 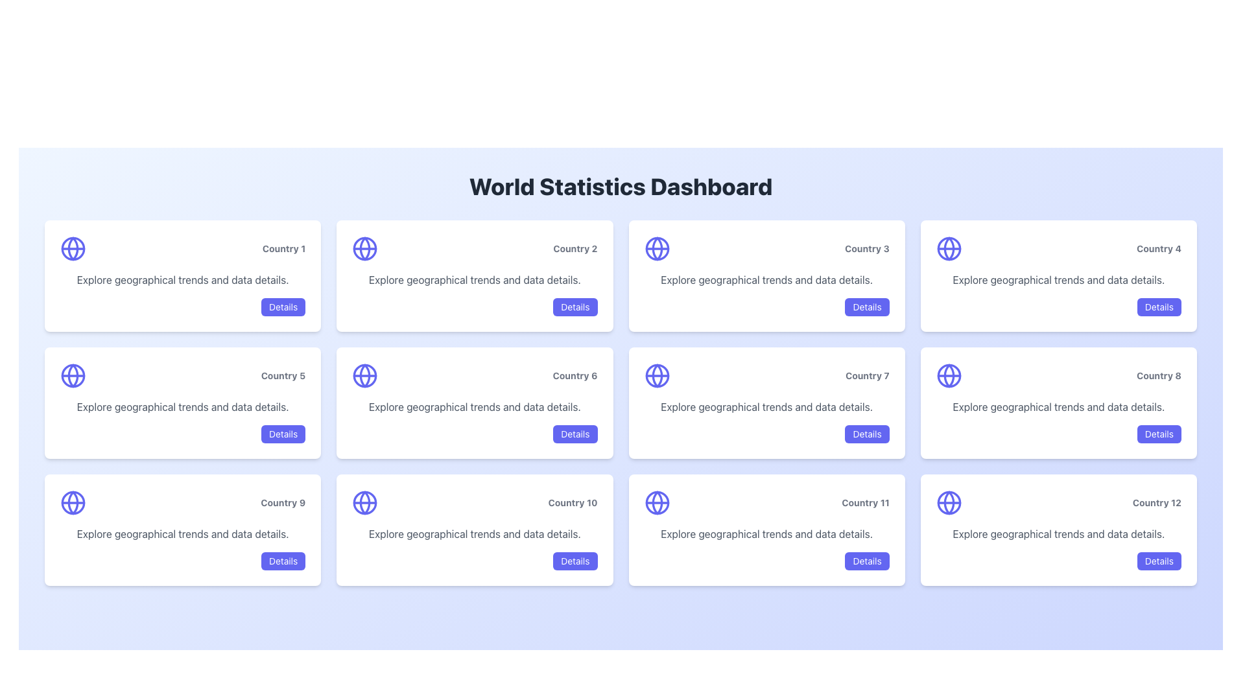 I want to click on the text label indicating 'Country 10' located in the top-right corner of its card, adjacent to a globe icon and above a 'Details' button, so click(x=572, y=502).